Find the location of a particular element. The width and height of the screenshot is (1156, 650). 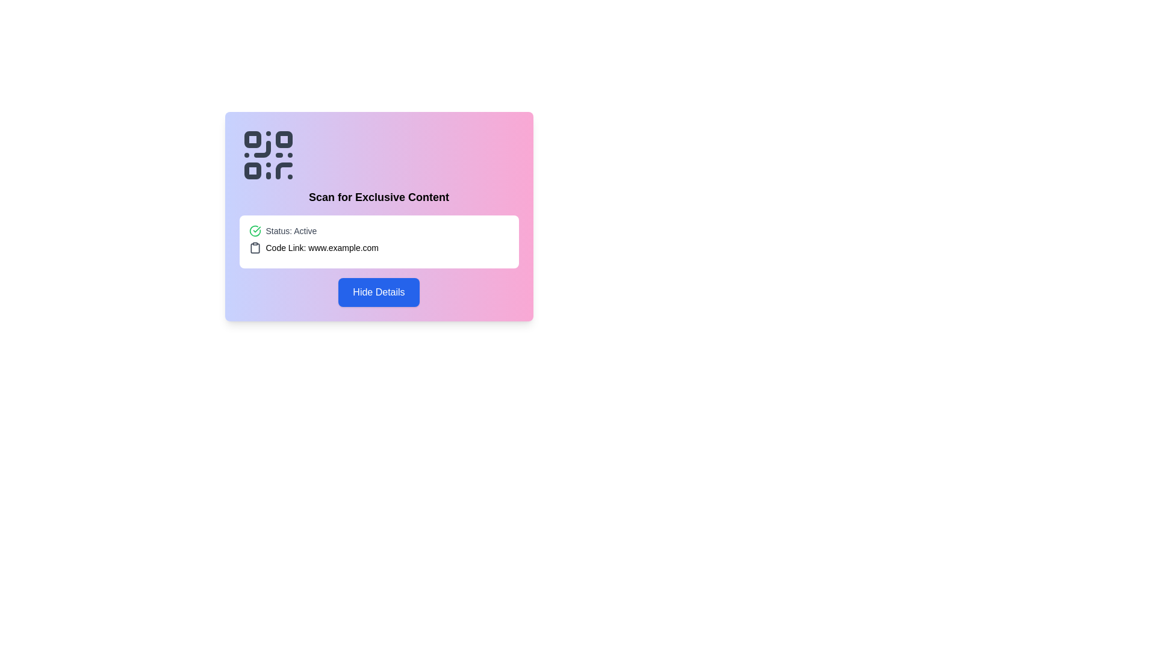

the text label displaying 'Code Link: www.example.com', which is positioned immediately to the right of the clipboard icon and located centrally on the page is located at coordinates (322, 247).